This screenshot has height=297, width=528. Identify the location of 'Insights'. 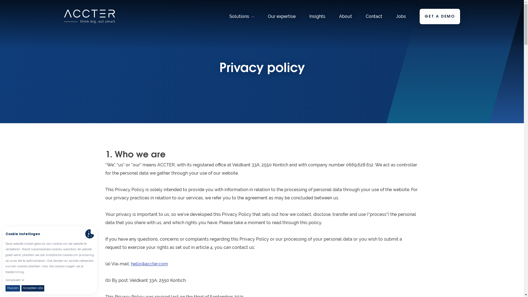
(309, 16).